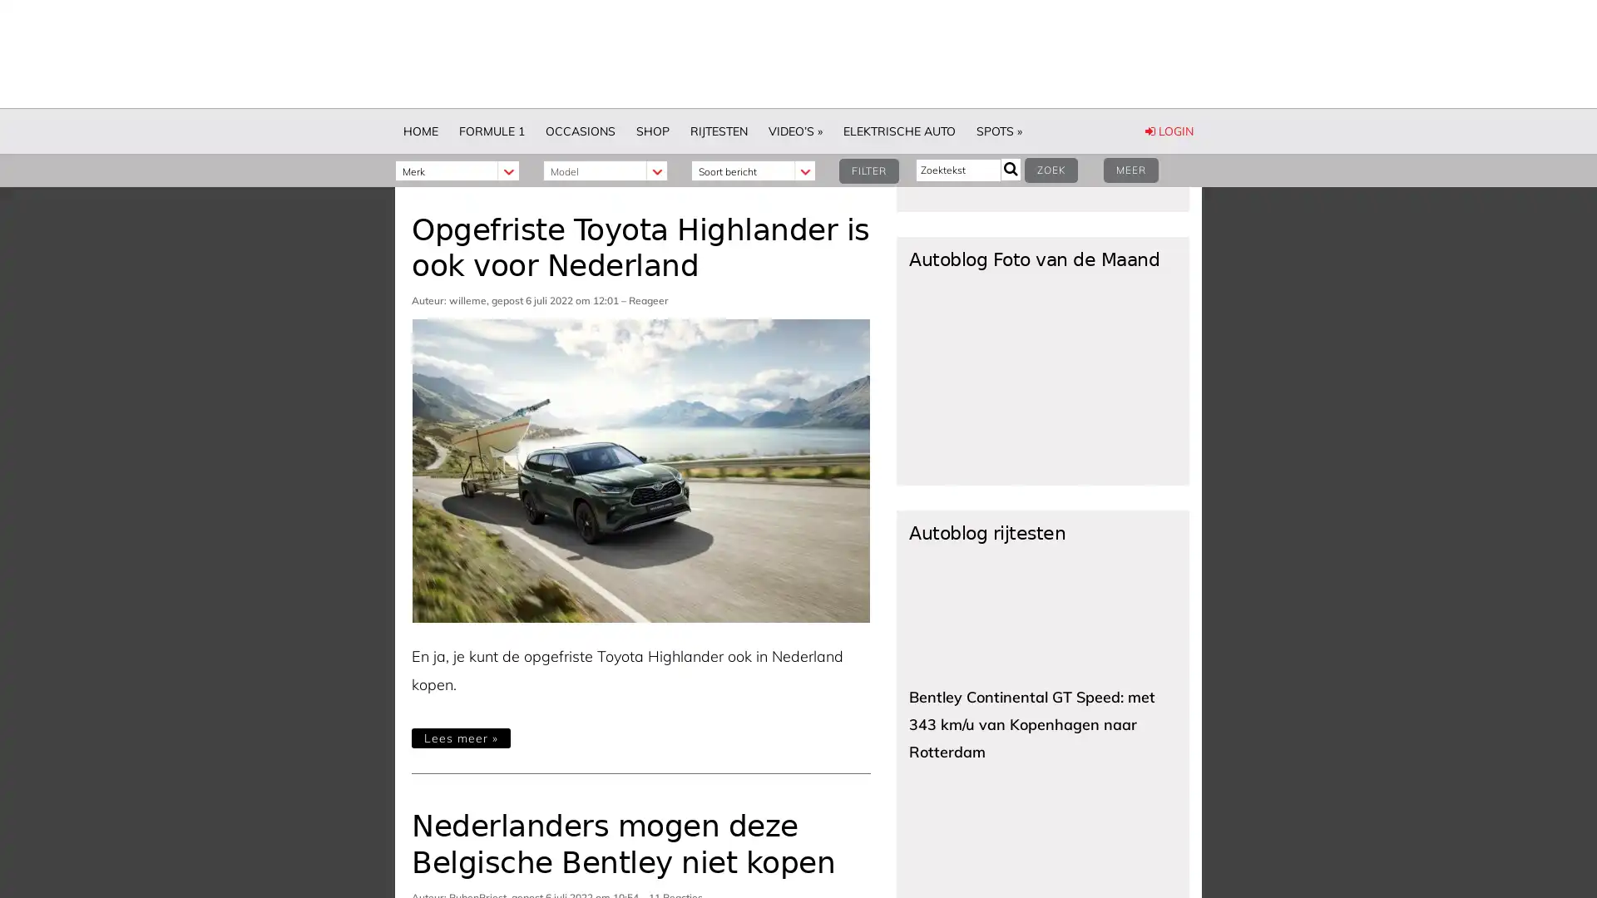  I want to click on MEER, so click(1130, 170).